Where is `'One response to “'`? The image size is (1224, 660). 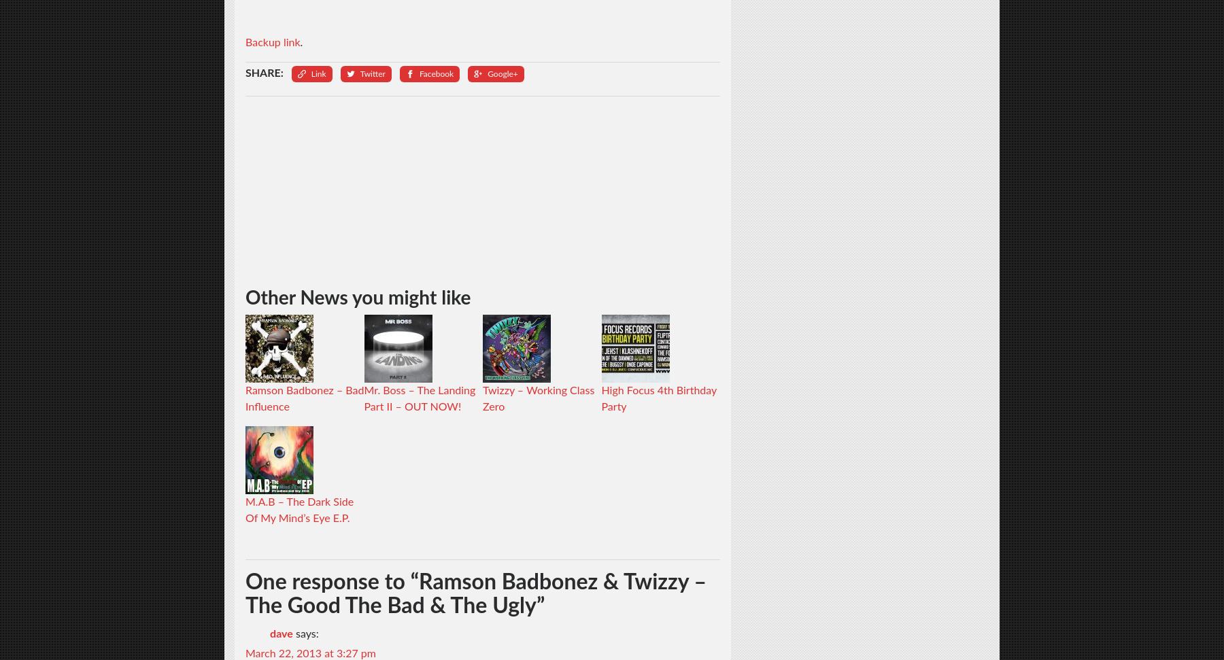
'One response to “' is located at coordinates (331, 581).